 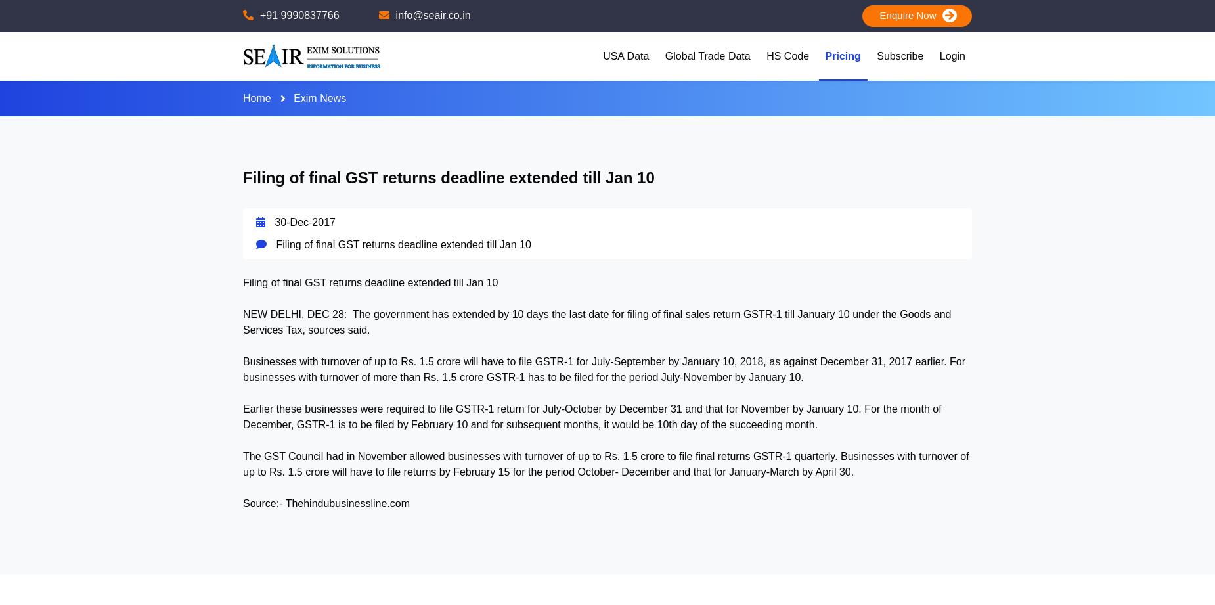 What do you see at coordinates (655, 99) in the screenshot?
I see `'USA Importers'` at bounding box center [655, 99].